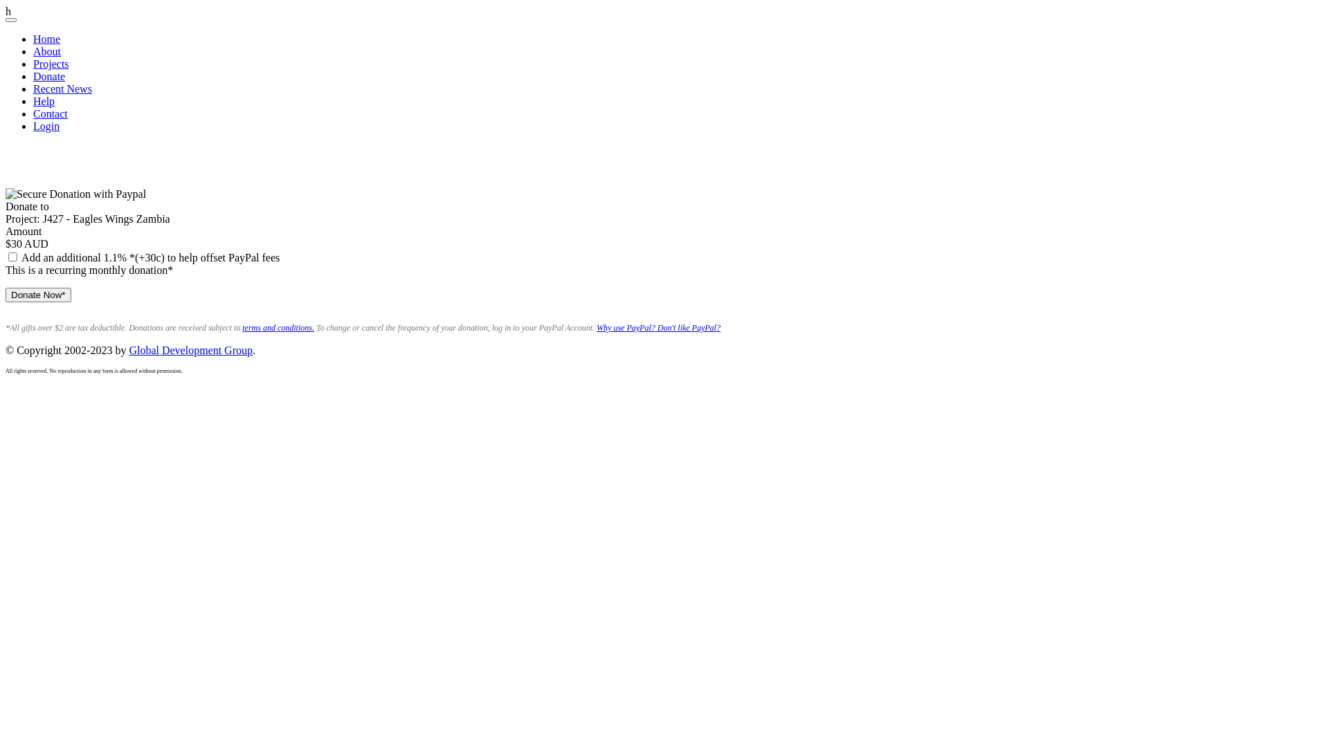 This screenshot has height=747, width=1329. I want to click on 'Global Development Group', so click(190, 349).